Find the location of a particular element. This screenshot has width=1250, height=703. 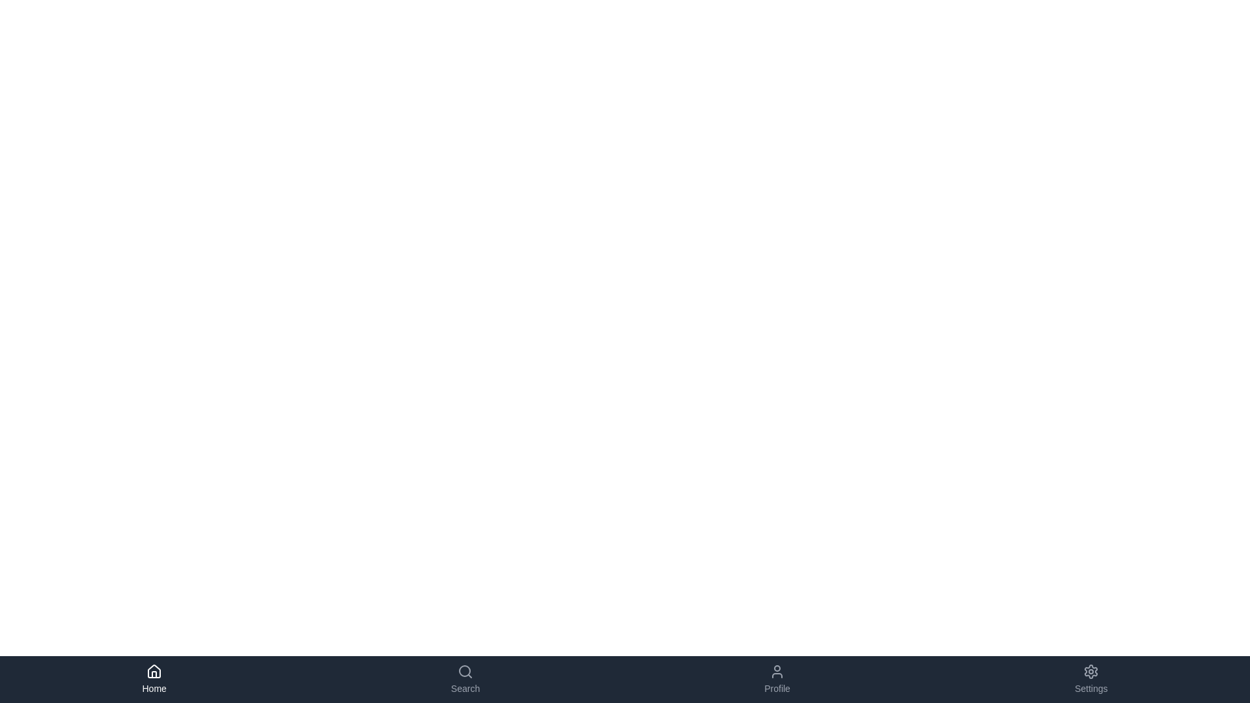

the non-interactive house icon in the bottom navigation bar, which represents the 'Home' section is located at coordinates (154, 671).